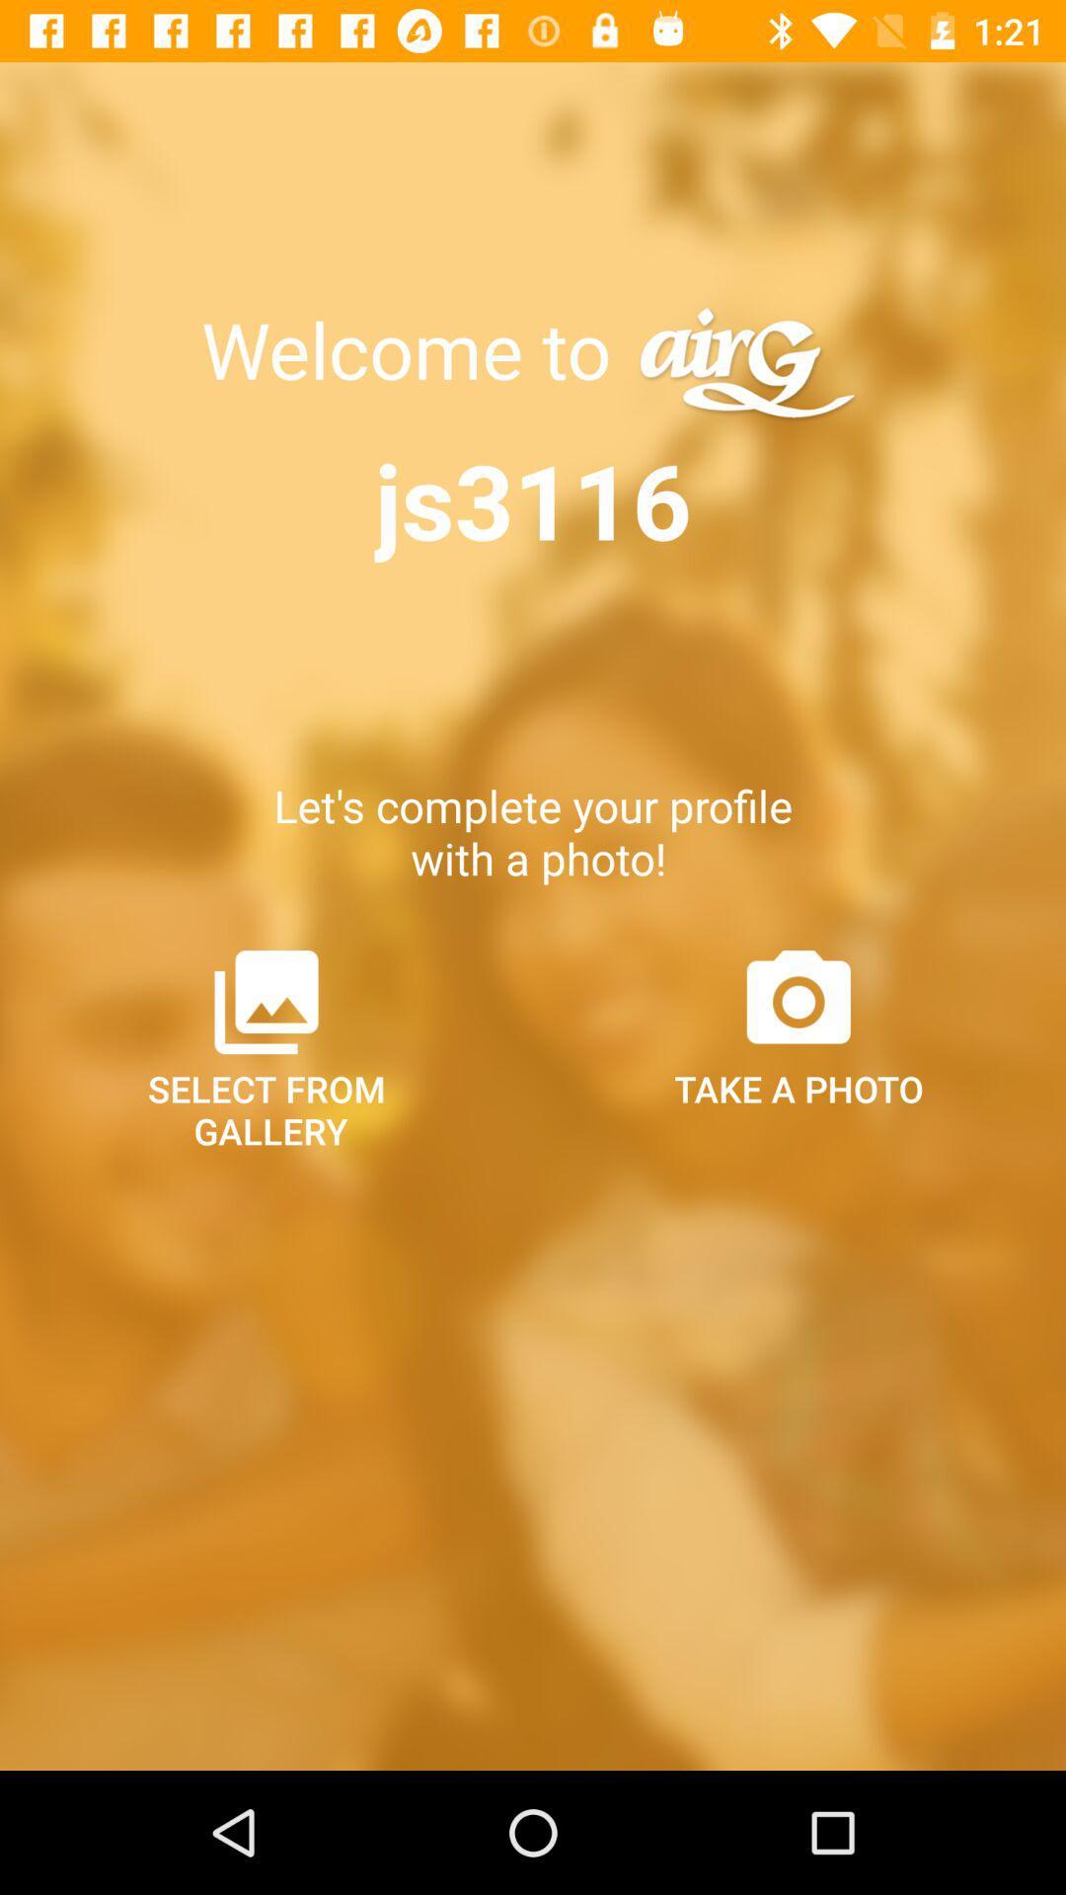  Describe the element at coordinates (266, 1046) in the screenshot. I see `icon next to take a photo` at that location.